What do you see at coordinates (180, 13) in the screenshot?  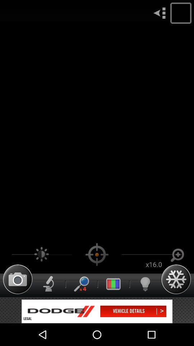 I see `the location icon` at bounding box center [180, 13].